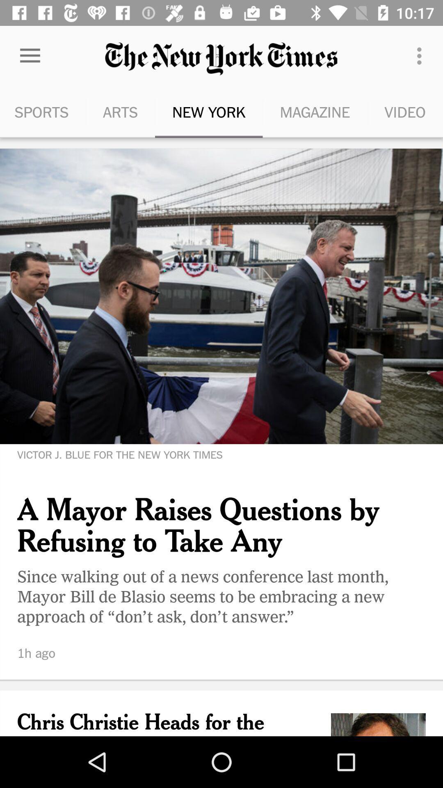 The image size is (443, 788). Describe the element at coordinates (120, 112) in the screenshot. I see `item to the right of the sports` at that location.